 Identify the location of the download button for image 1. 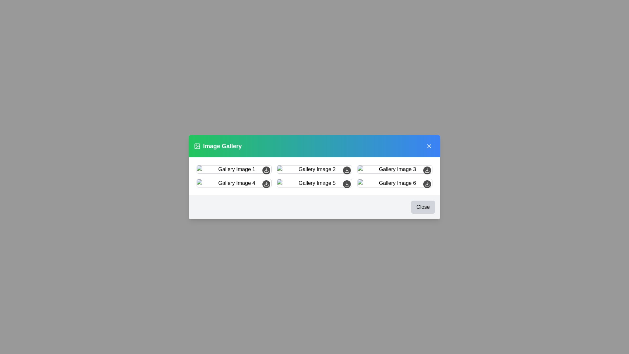
(266, 170).